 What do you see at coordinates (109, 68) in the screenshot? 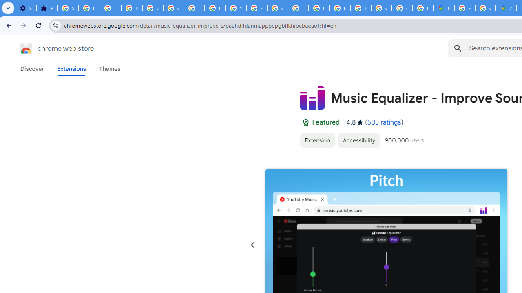
I see `'Themes'` at bounding box center [109, 68].